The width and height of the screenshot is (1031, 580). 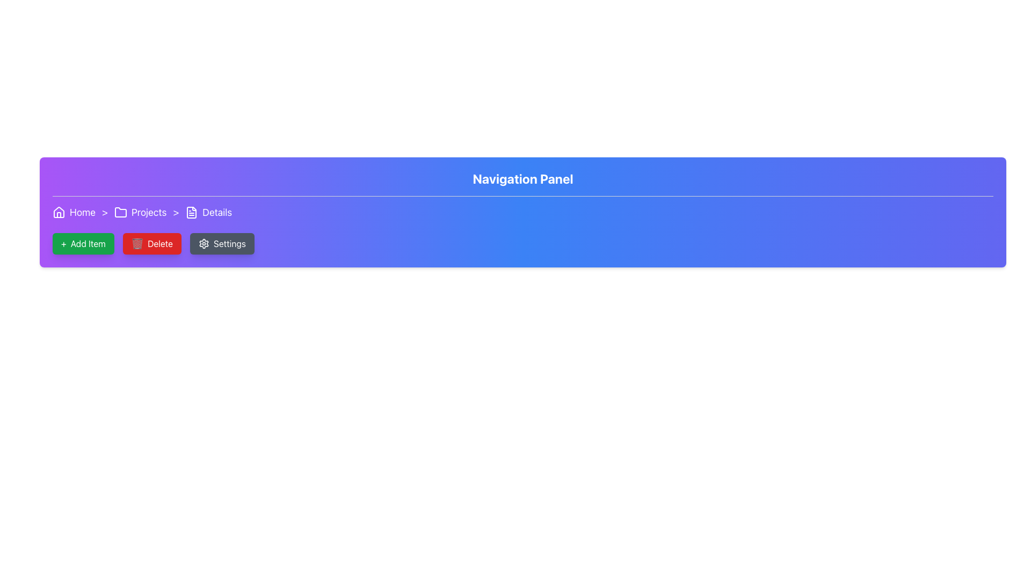 What do you see at coordinates (88, 244) in the screenshot?
I see `text information from the Text label located within the '+Add Item' button, which is positioned in the top-left corner of the navigation panel` at bounding box center [88, 244].